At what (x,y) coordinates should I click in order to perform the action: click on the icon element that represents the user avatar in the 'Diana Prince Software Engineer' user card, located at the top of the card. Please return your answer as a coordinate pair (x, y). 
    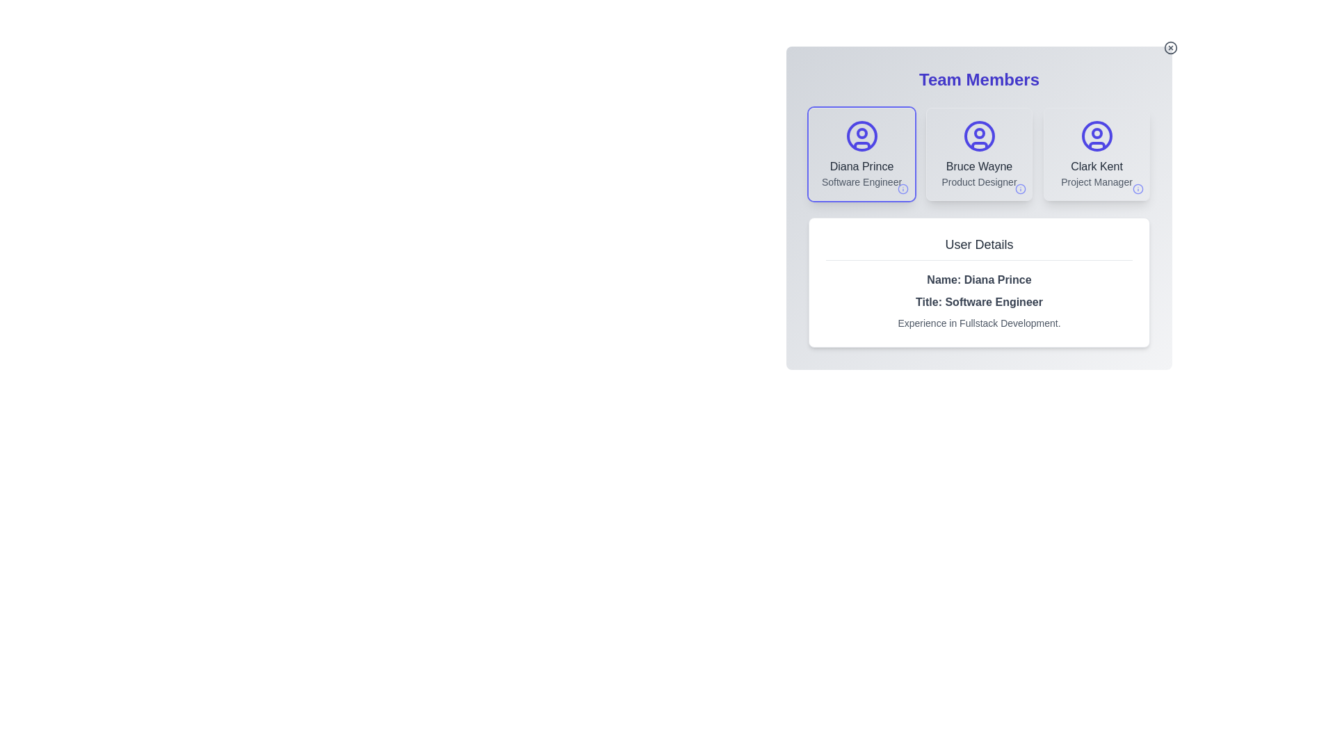
    Looking at the image, I should click on (861, 136).